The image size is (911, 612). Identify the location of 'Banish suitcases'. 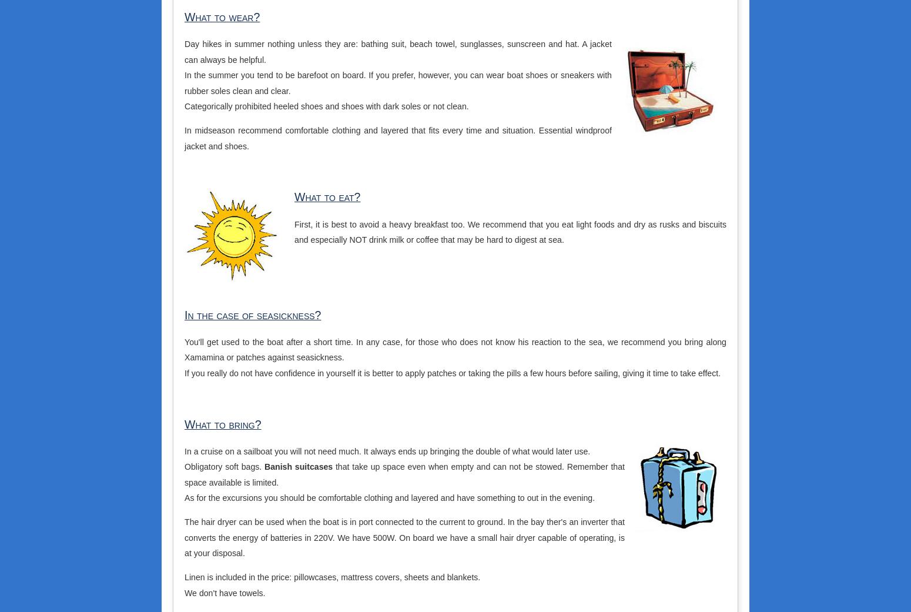
(297, 466).